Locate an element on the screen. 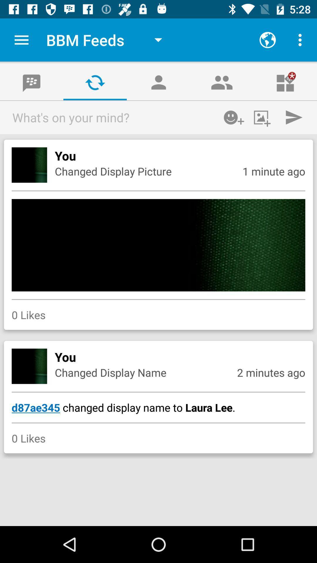  the second icon next to whats on your mind is located at coordinates (264, 117).